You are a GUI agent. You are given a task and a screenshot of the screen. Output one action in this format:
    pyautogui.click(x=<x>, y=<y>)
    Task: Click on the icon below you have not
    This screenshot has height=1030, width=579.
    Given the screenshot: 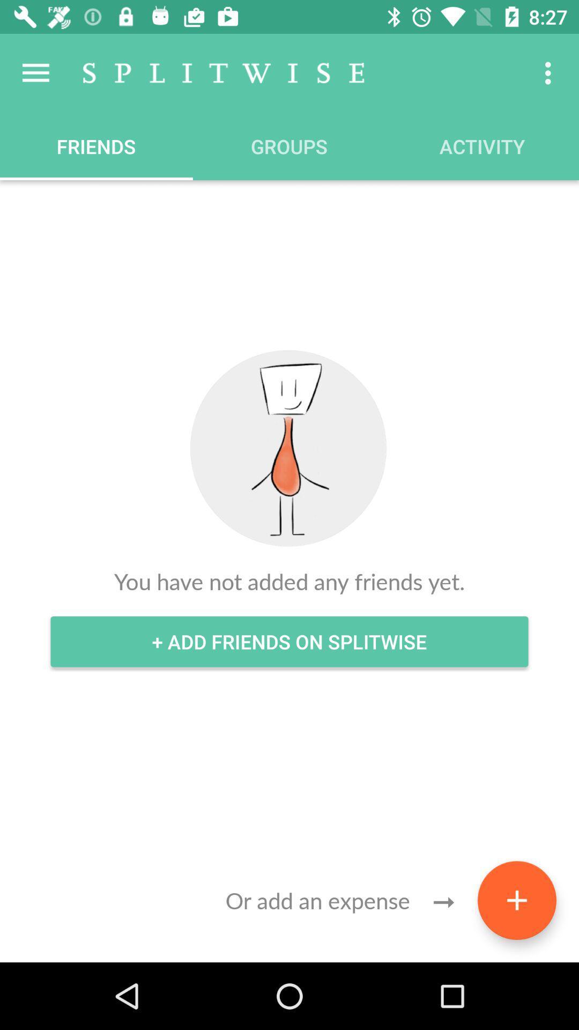 What is the action you would take?
    pyautogui.click(x=289, y=642)
    